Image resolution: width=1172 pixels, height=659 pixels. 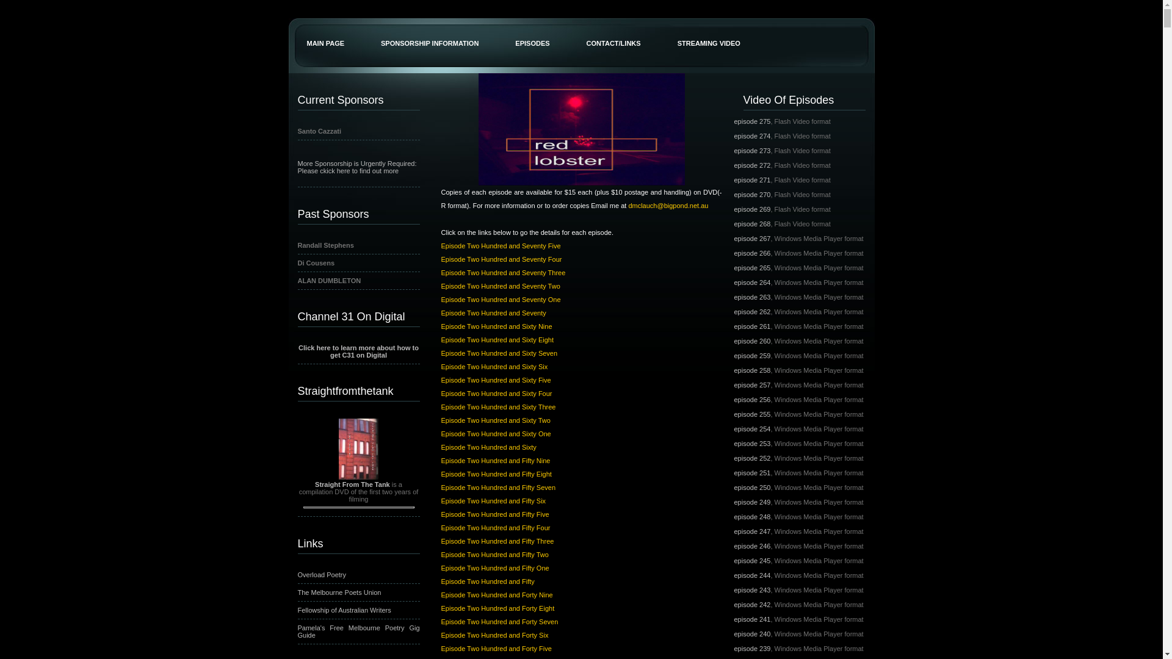 I want to click on 'Episode Two Hundred and Seventy', so click(x=493, y=312).